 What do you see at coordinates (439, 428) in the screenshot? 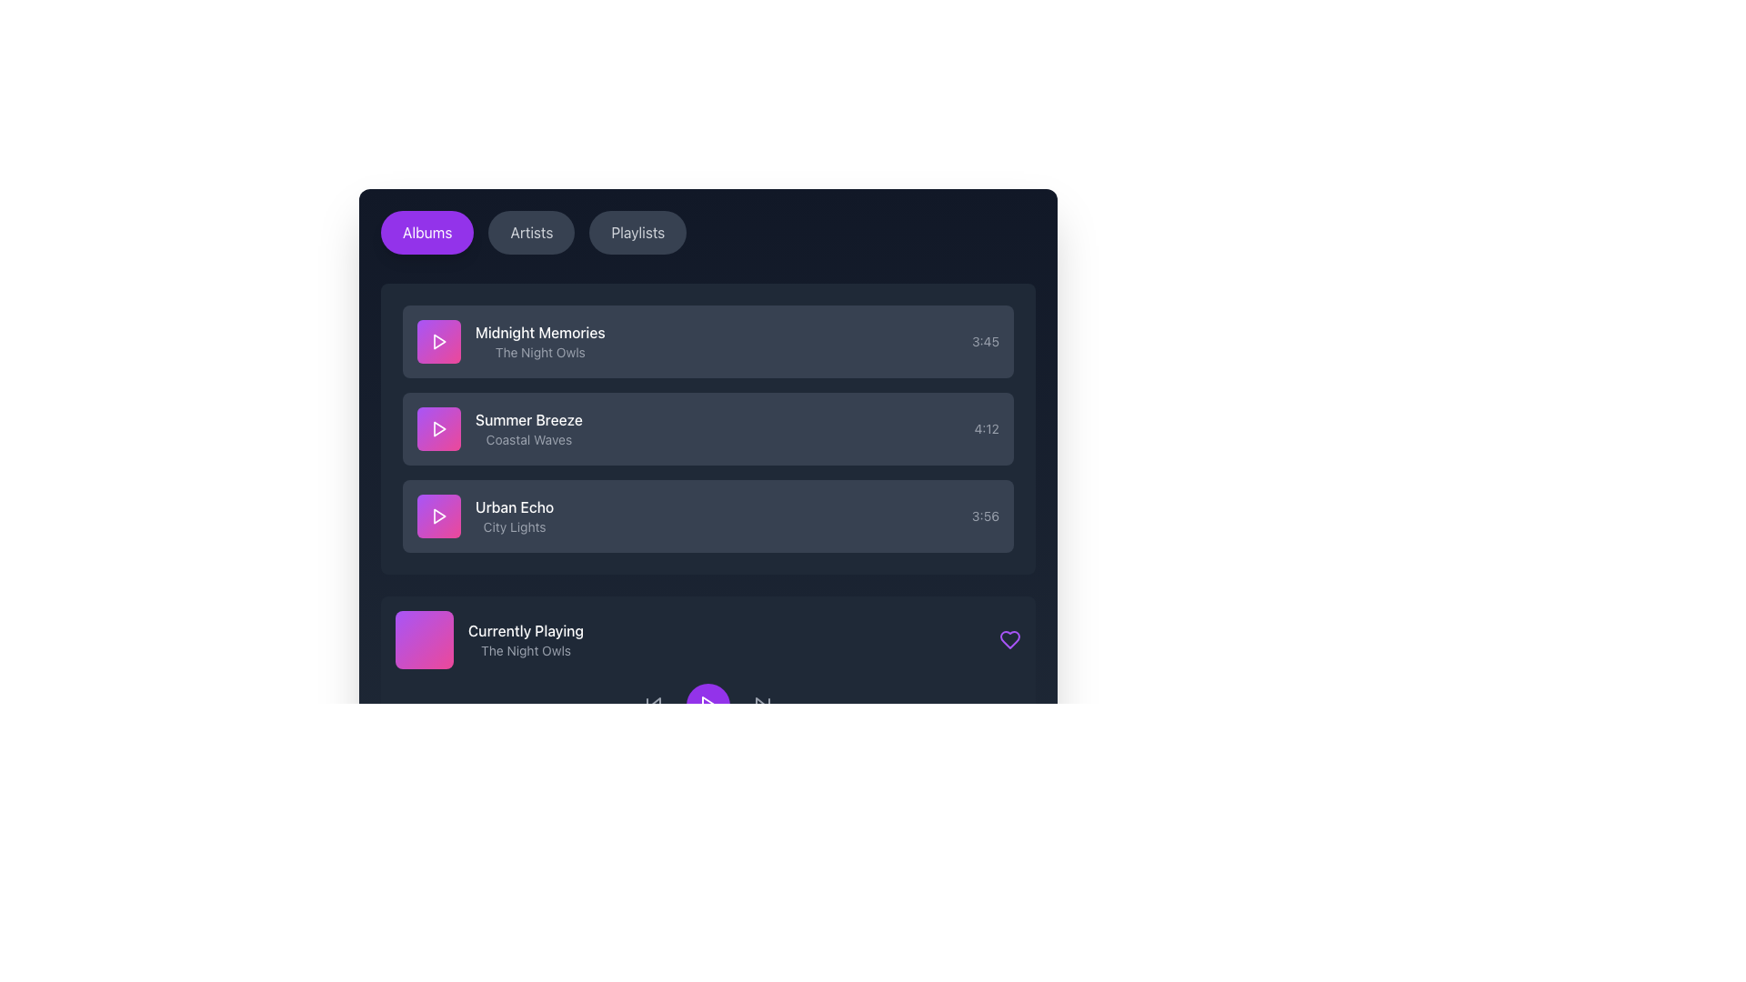
I see `the triangular play icon button located on the left side of the 'Summer Breeze' list item` at bounding box center [439, 428].